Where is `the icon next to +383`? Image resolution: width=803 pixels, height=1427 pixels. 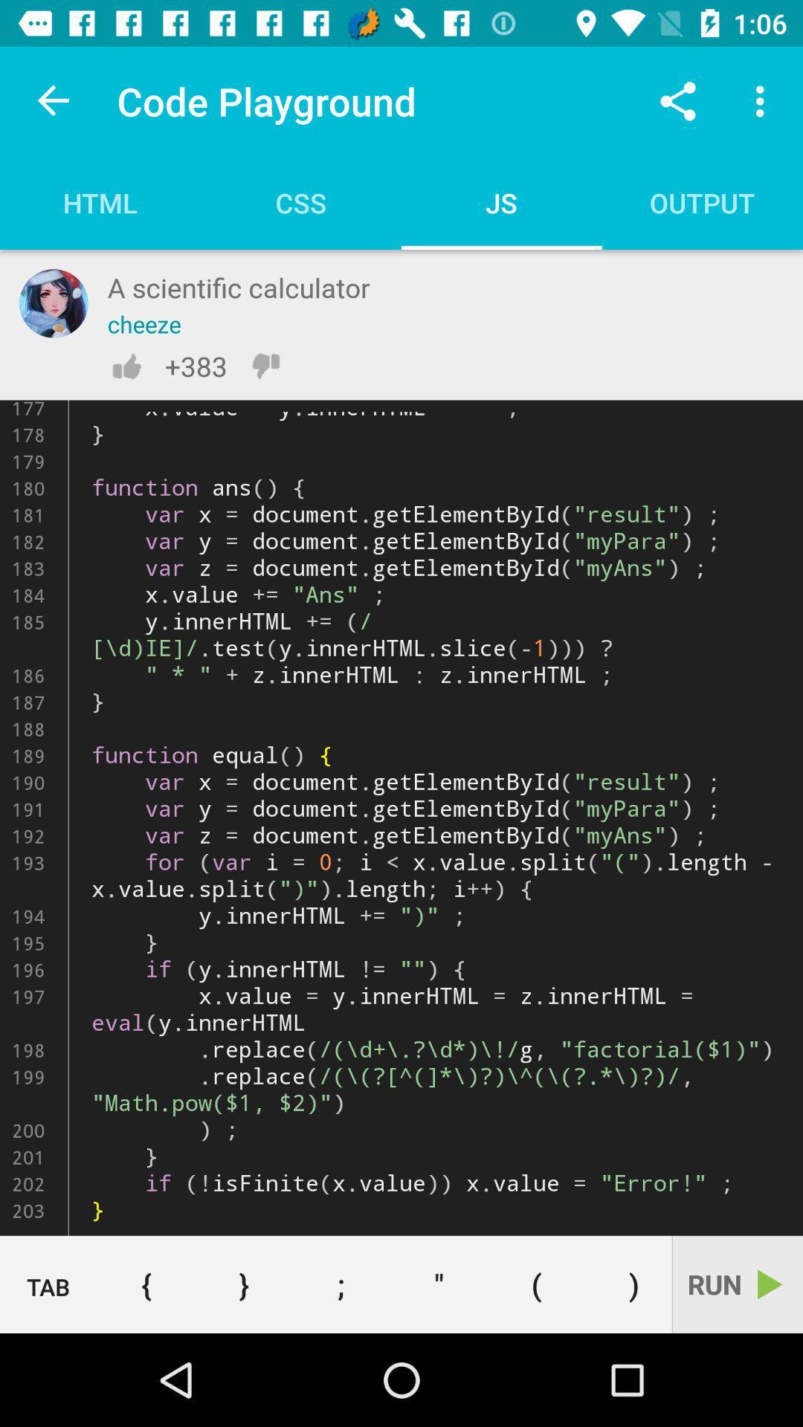
the icon next to +383 is located at coordinates (265, 366).